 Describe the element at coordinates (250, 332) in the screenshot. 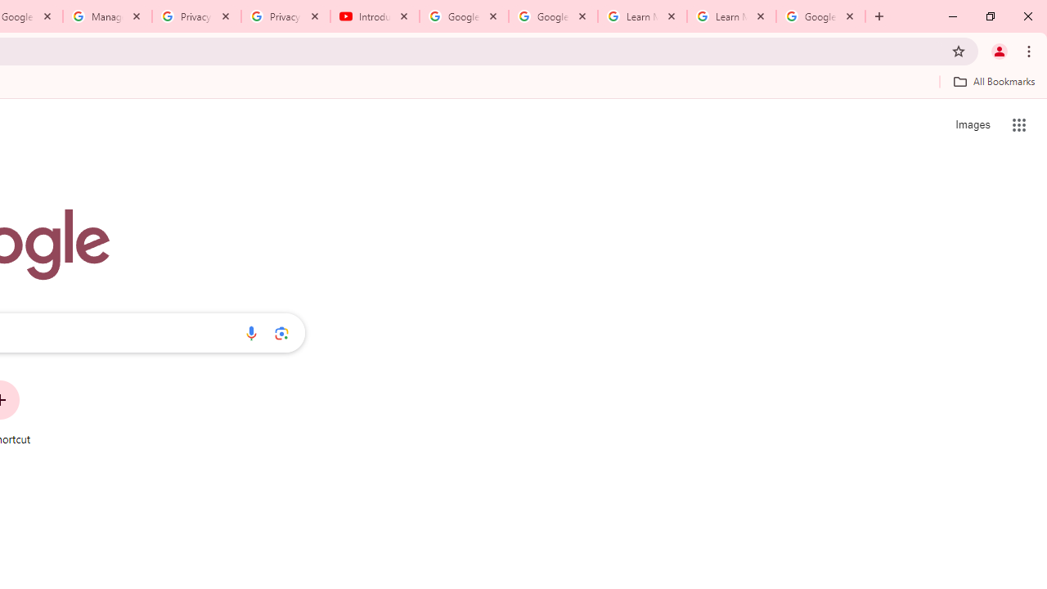

I see `'Search by voice'` at that location.